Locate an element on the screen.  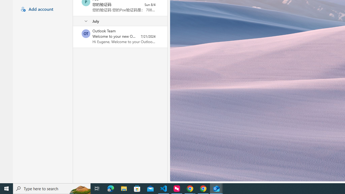
'Mark as unread' is located at coordinates (73, 37).